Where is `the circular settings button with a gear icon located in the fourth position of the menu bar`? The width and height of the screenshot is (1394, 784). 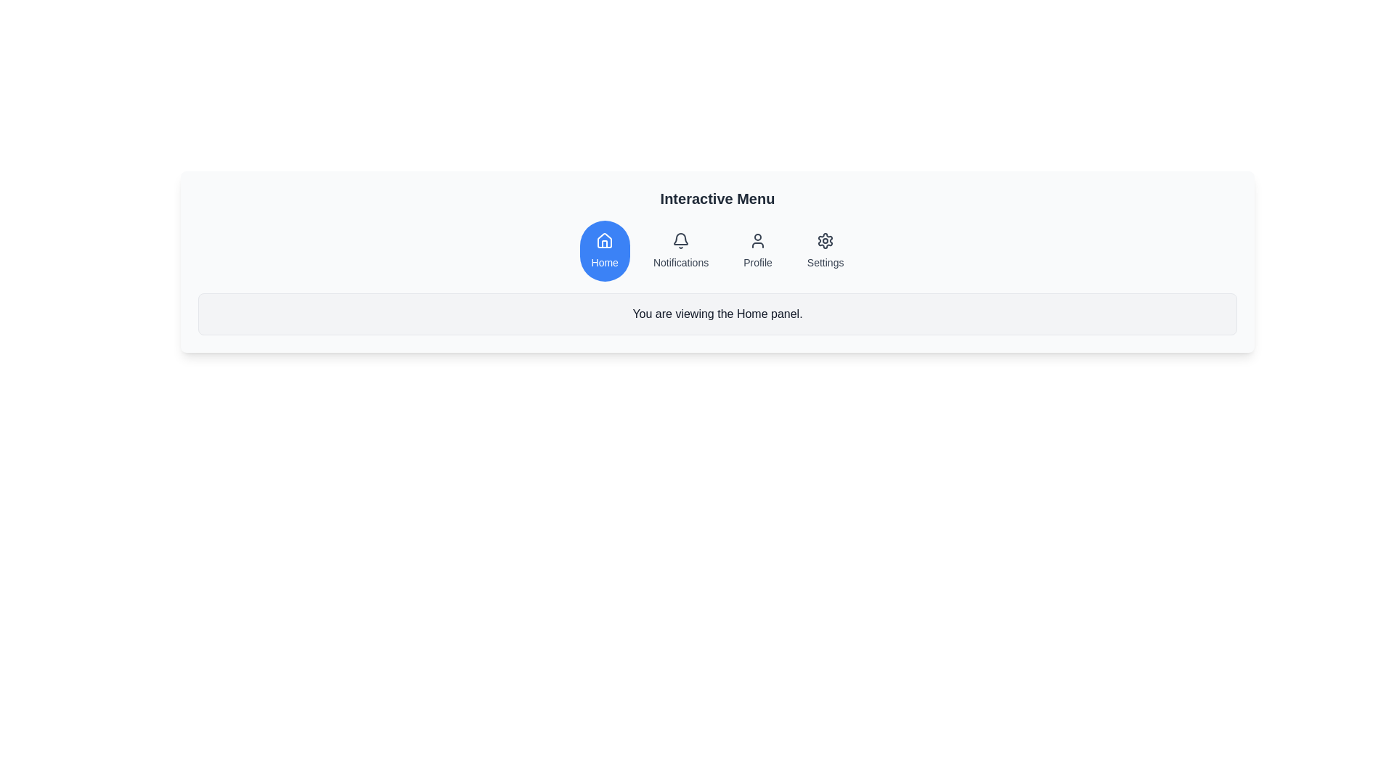
the circular settings button with a gear icon located in the fourth position of the menu bar is located at coordinates (826, 250).